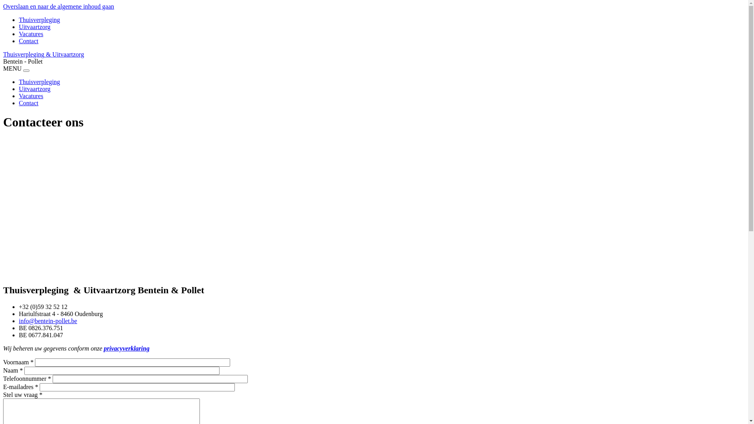 This screenshot has width=754, height=424. What do you see at coordinates (126, 348) in the screenshot?
I see `'privacyverklaring'` at bounding box center [126, 348].